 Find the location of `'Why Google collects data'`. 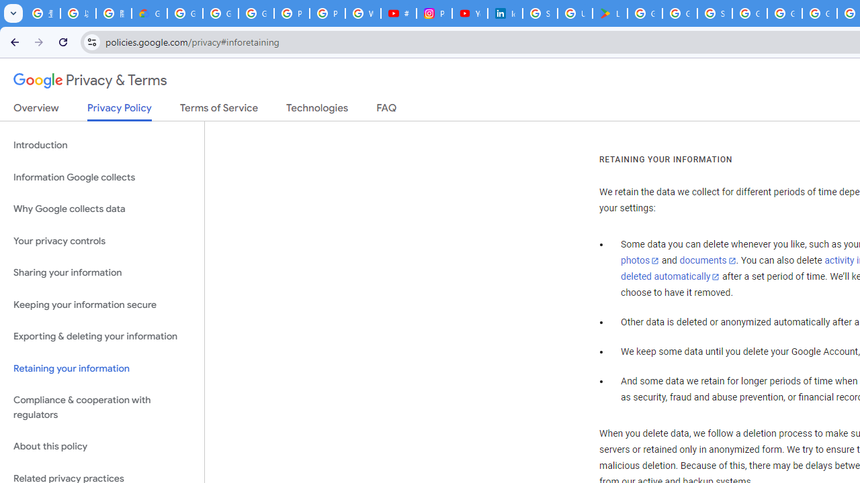

'Why Google collects data' is located at coordinates (101, 209).